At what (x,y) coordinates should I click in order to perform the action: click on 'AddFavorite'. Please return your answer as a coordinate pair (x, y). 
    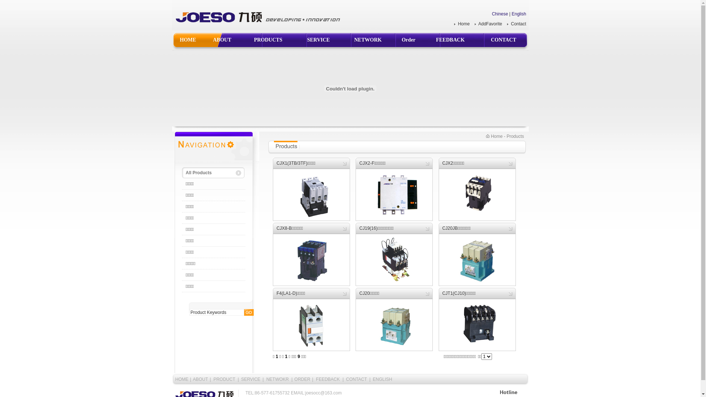
    Looking at the image, I should click on (478, 24).